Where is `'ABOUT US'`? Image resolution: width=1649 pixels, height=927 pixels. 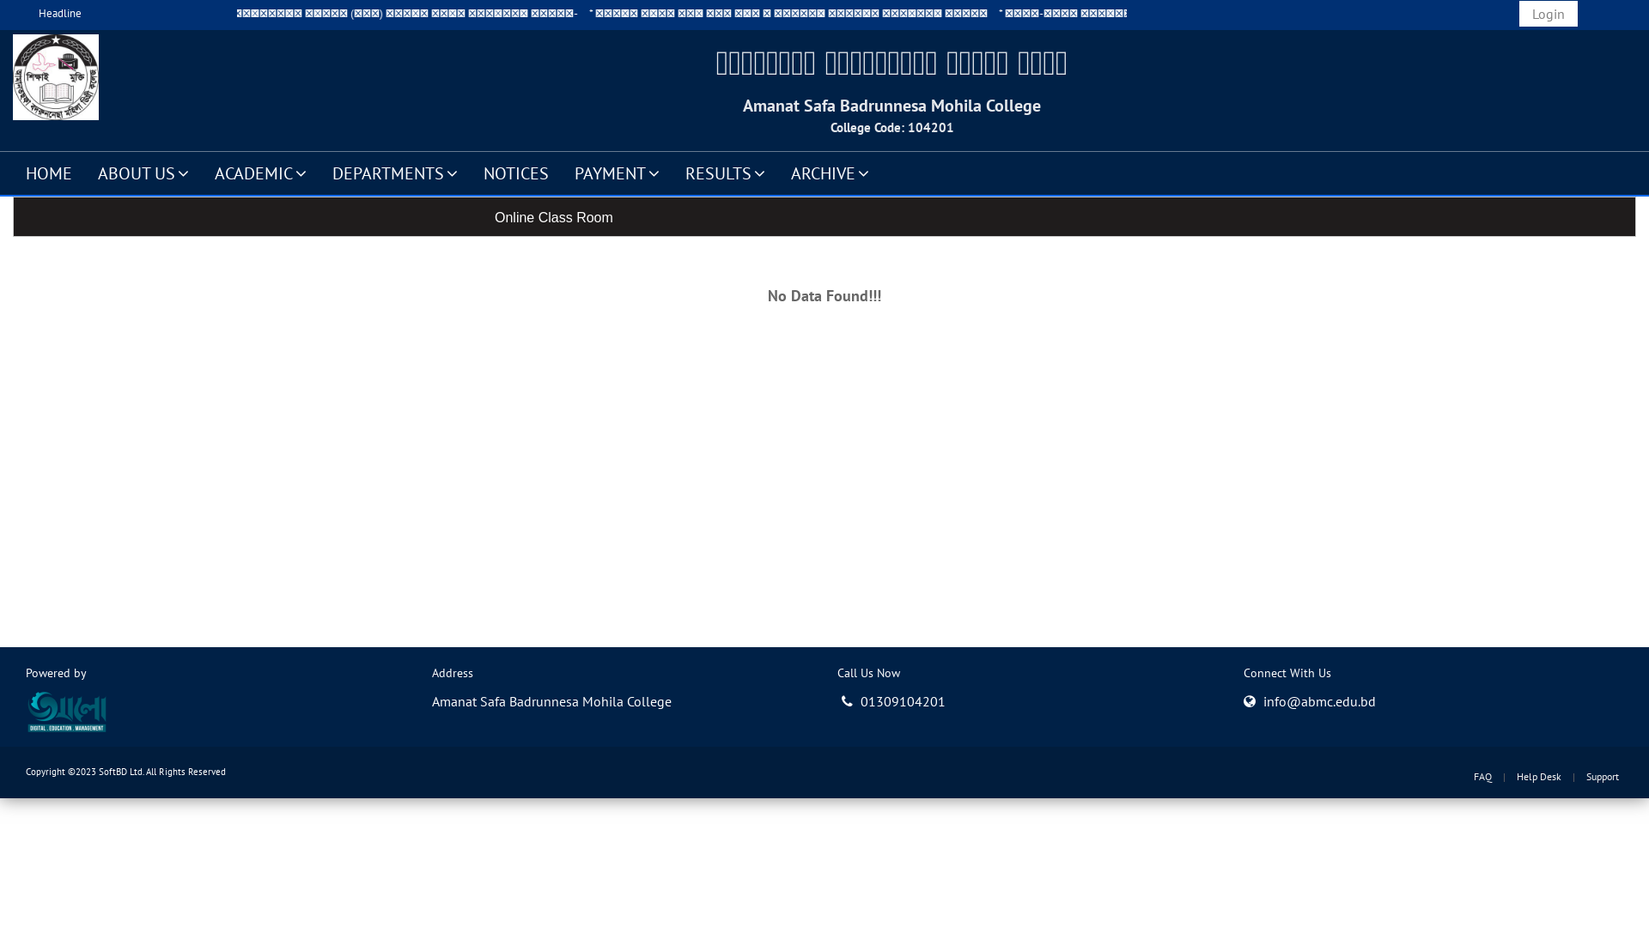 'ABOUT US' is located at coordinates (143, 172).